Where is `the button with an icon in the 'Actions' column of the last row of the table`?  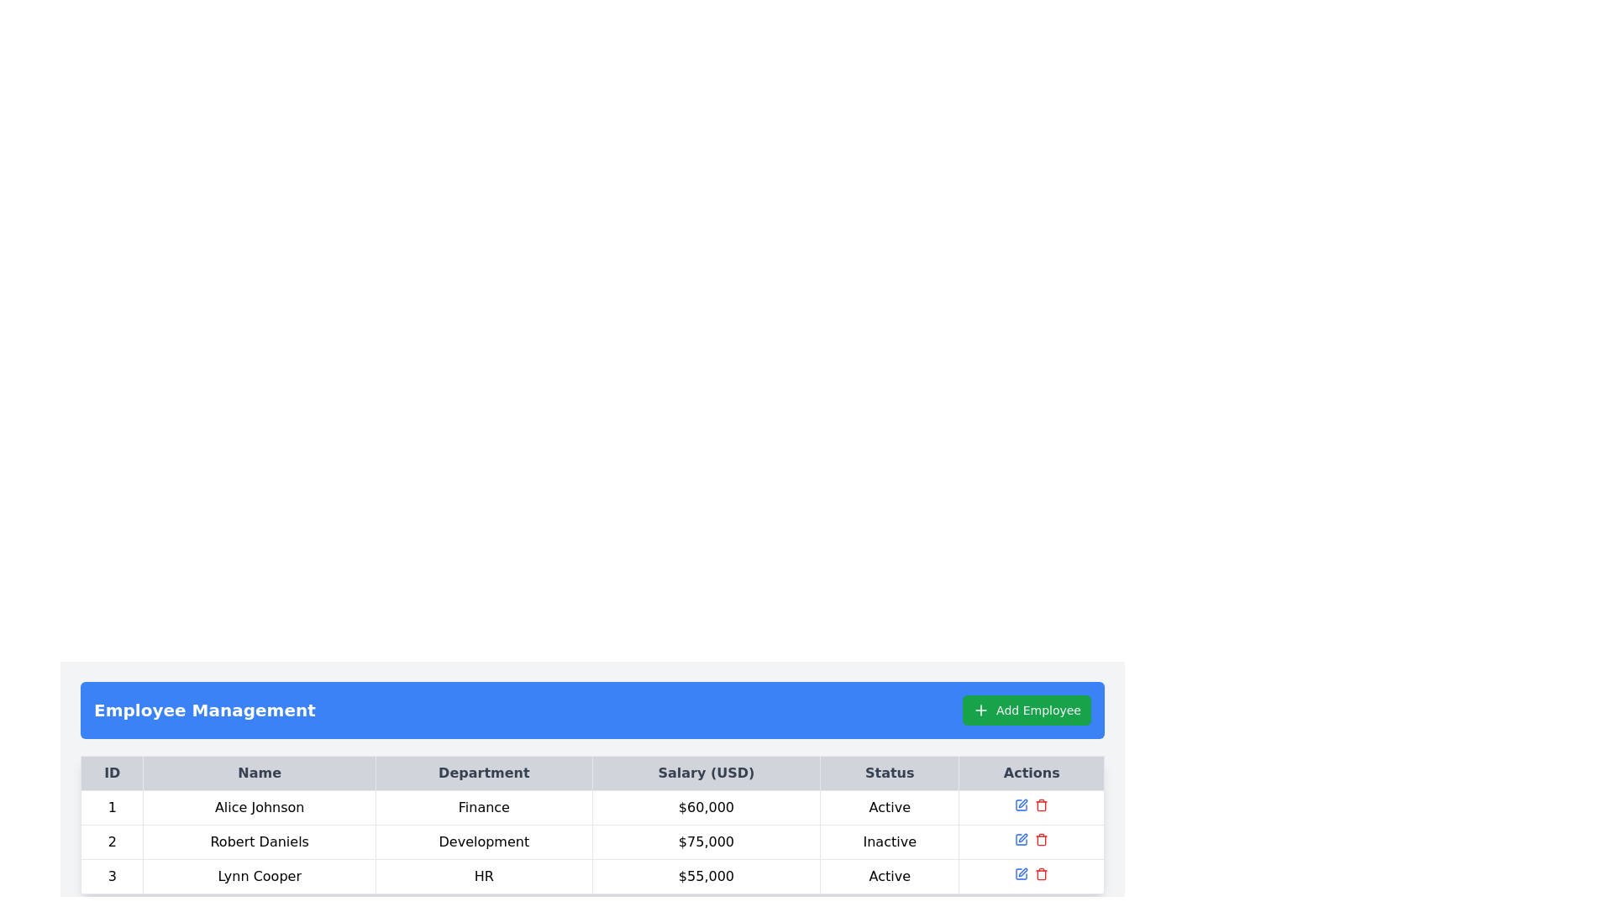
the button with an icon in the 'Actions' column of the last row of the table is located at coordinates (1041, 839).